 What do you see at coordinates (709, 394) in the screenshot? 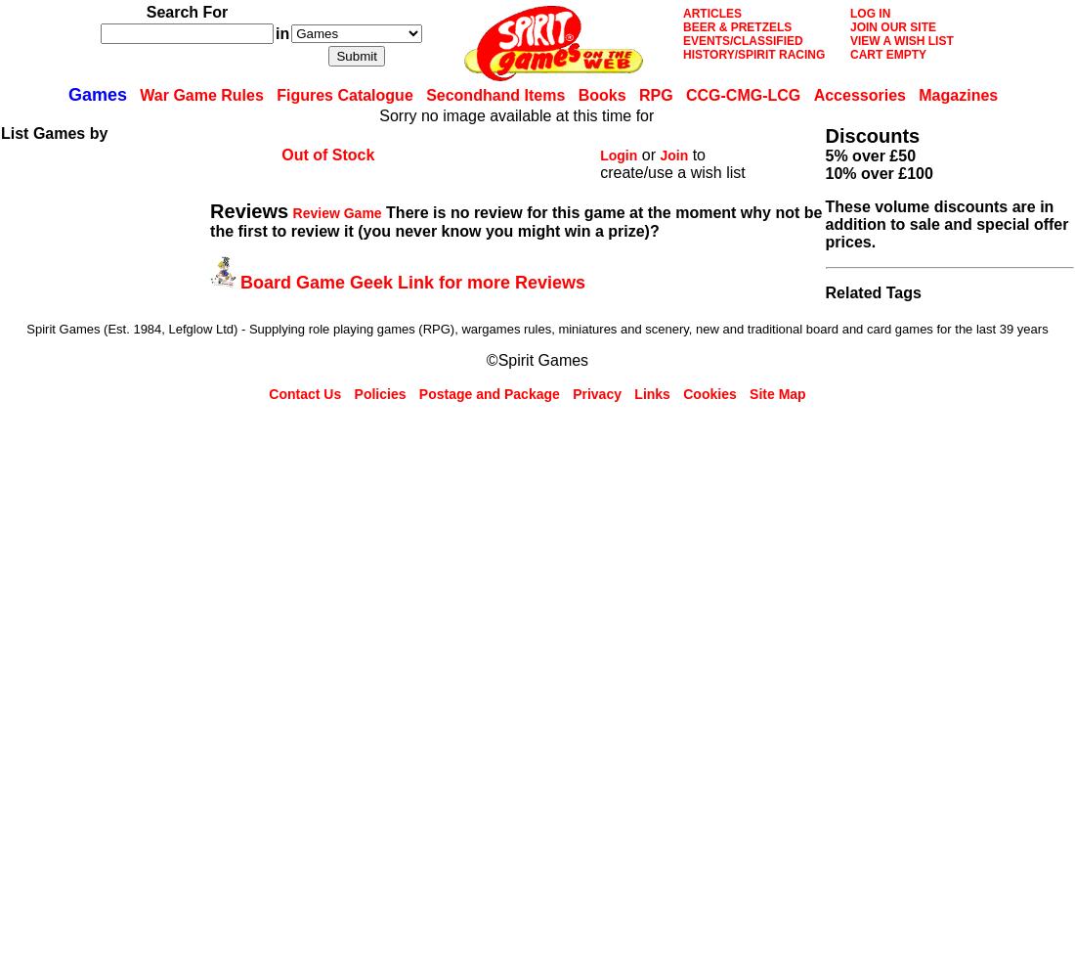
I see `'Cookies'` at bounding box center [709, 394].